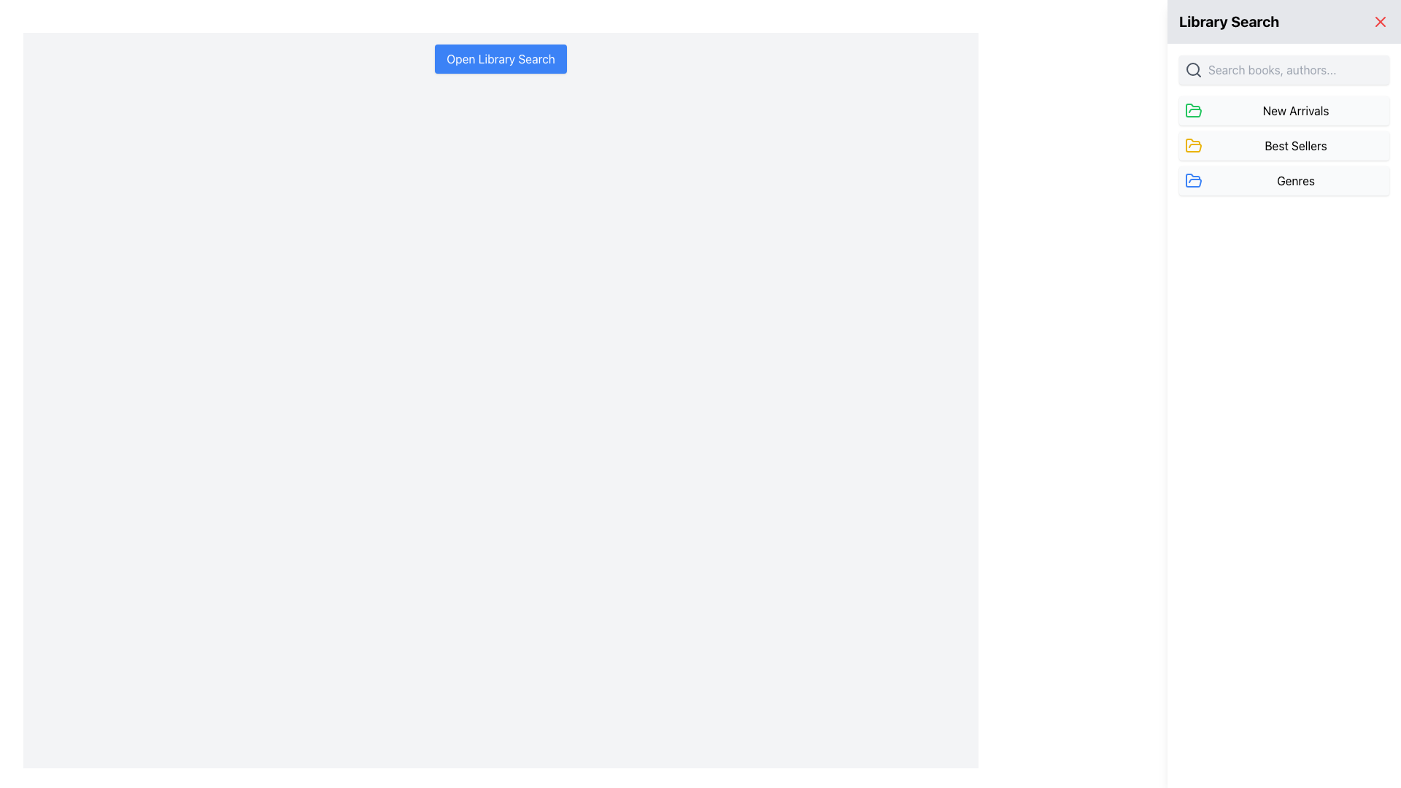 The height and width of the screenshot is (788, 1401). What do you see at coordinates (1228, 22) in the screenshot?
I see `the 'Library Search' static text, which serves as a title for the associated side panel, located at the top of the sidebar` at bounding box center [1228, 22].